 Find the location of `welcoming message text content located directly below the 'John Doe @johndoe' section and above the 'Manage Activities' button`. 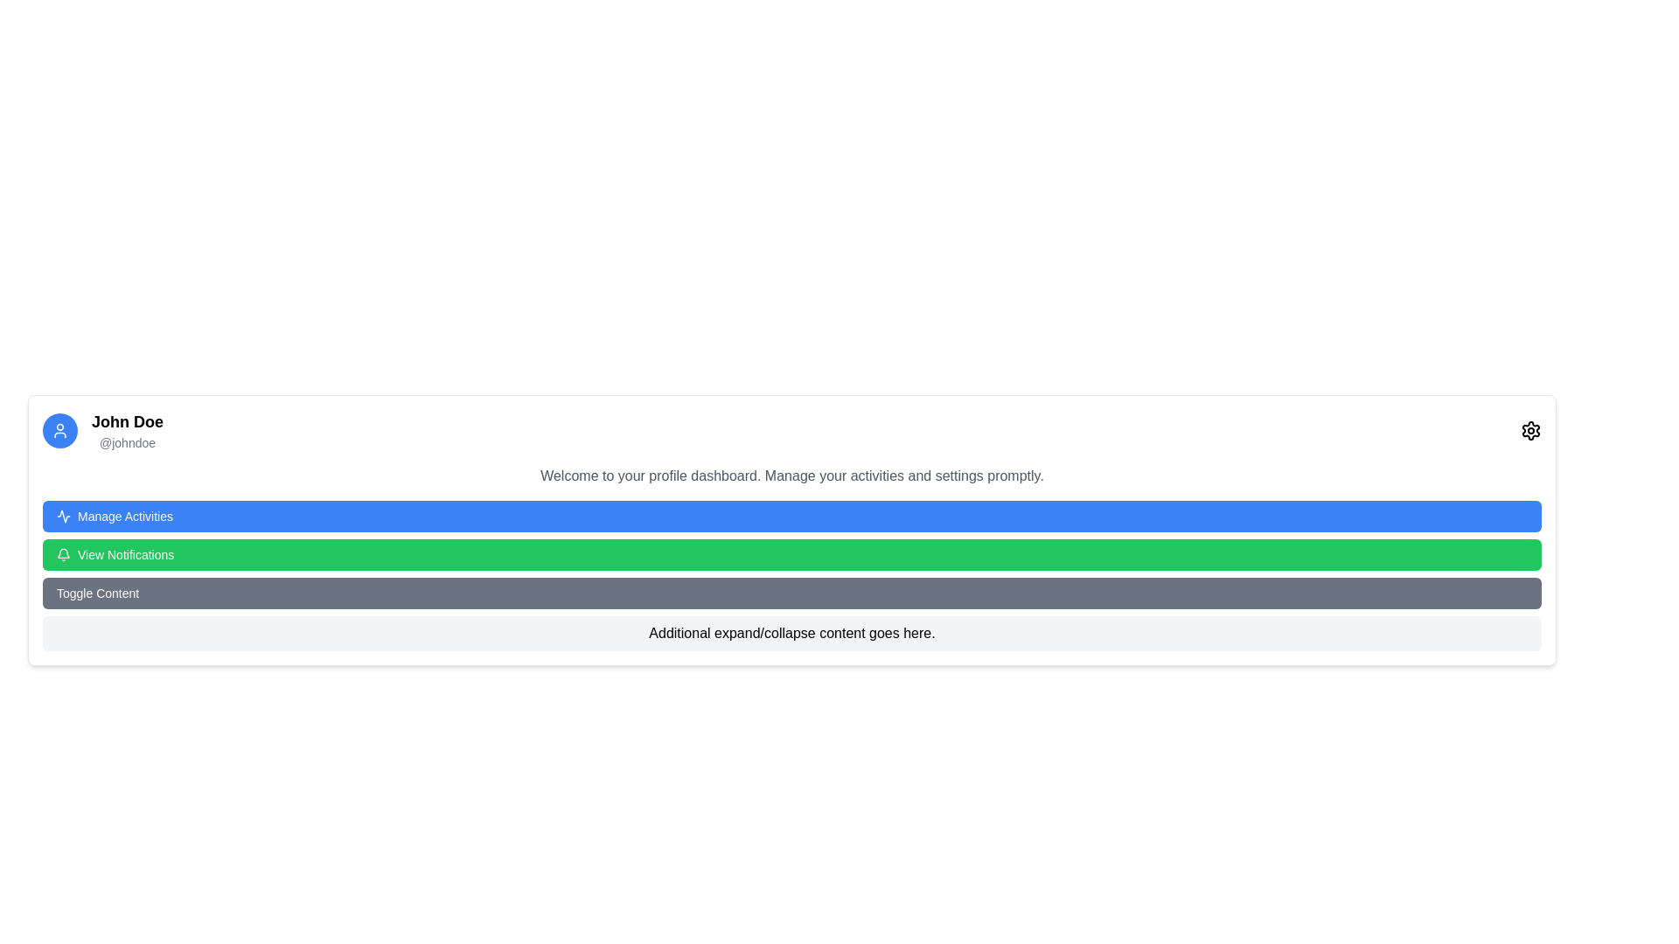

welcoming message text content located directly below the 'John Doe @johndoe' section and above the 'Manage Activities' button is located at coordinates (791, 475).